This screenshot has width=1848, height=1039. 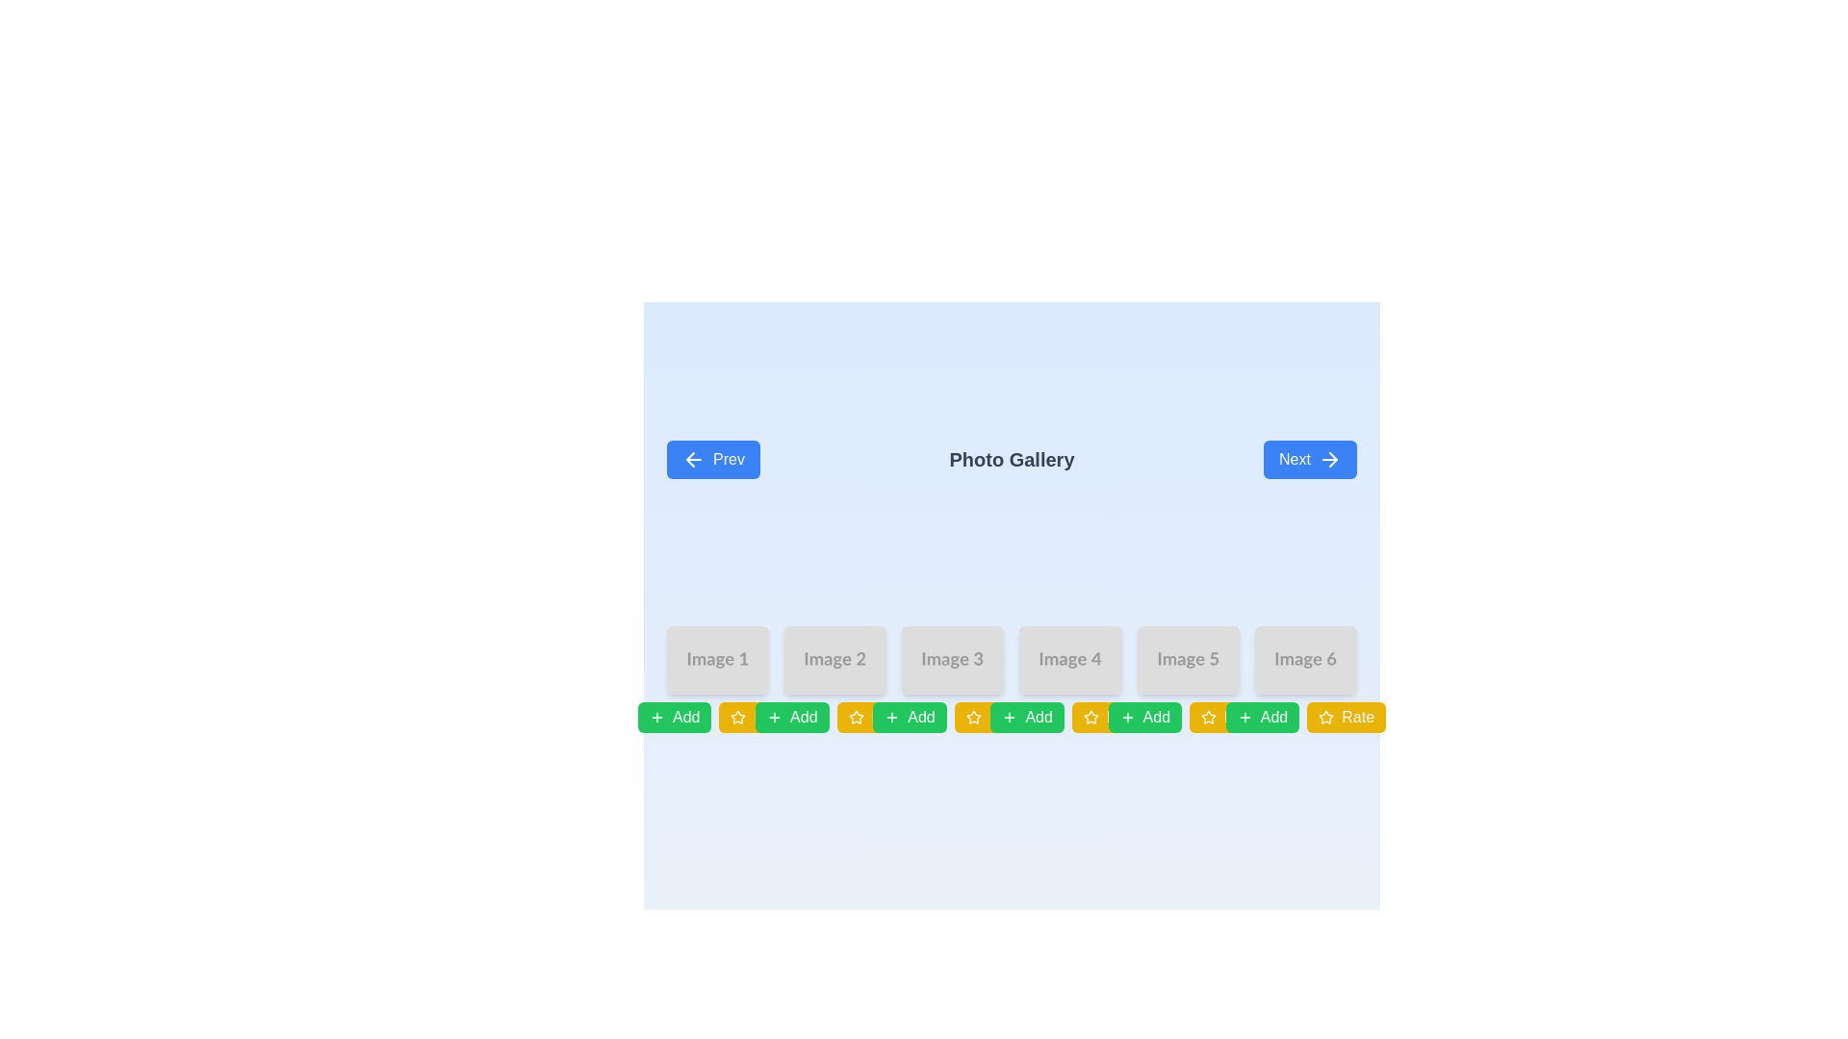 What do you see at coordinates (770, 717) in the screenshot?
I see `text label on the yellow 'Rate' button, which indicates its function related to rating` at bounding box center [770, 717].